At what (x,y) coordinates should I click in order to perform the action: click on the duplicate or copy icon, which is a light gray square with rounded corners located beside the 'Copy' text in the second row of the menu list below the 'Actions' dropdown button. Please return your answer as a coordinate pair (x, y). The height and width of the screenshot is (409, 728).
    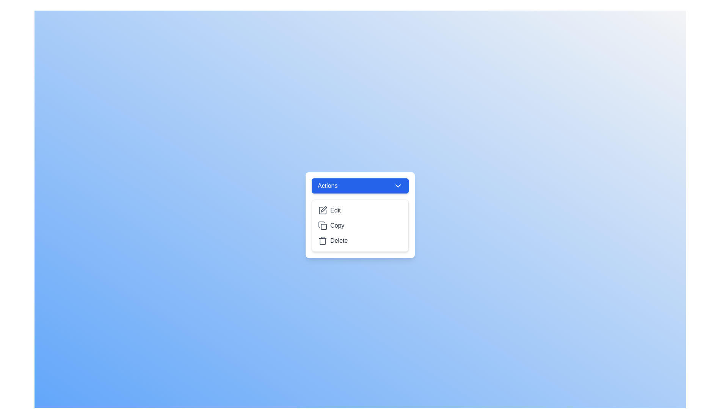
    Looking at the image, I should click on (322, 225).